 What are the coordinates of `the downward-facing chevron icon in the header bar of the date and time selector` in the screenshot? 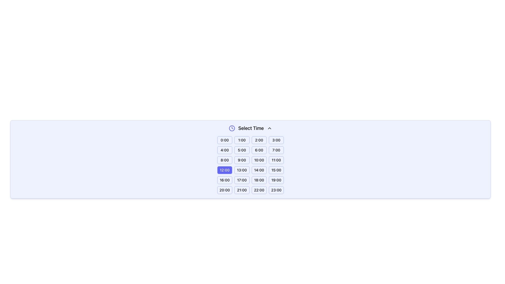 It's located at (269, 128).